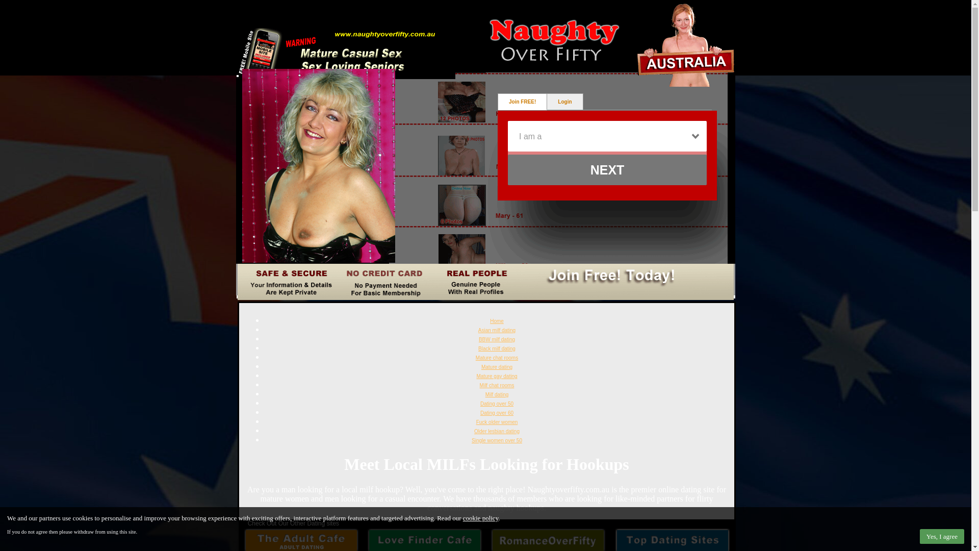 This screenshot has width=979, height=551. I want to click on 'Milf chat rooms', so click(497, 385).